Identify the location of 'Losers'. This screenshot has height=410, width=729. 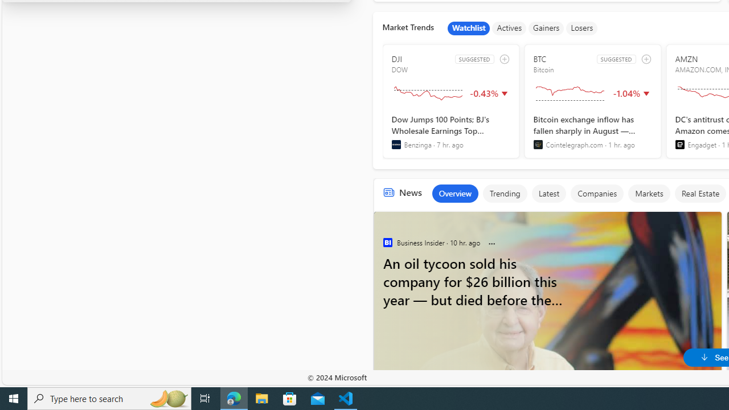
(582, 28).